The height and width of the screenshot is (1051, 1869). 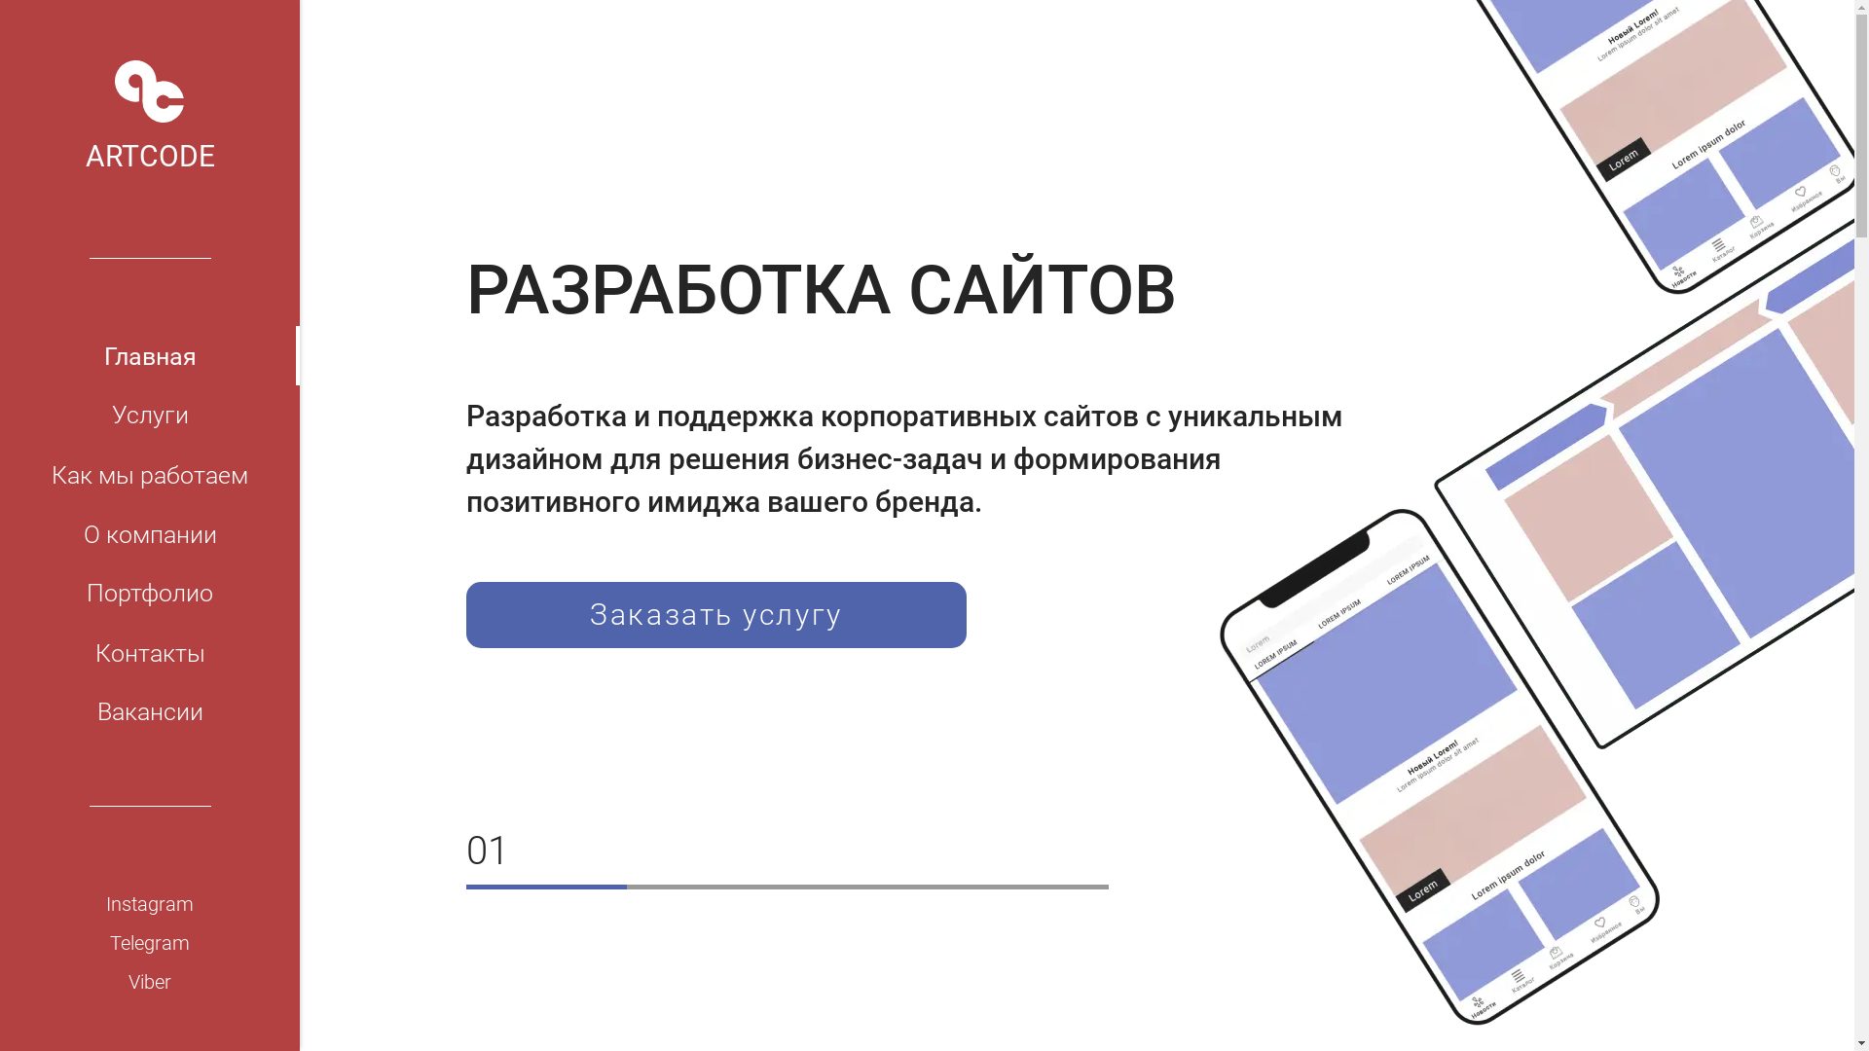 I want to click on 'Viber', so click(x=148, y=982).